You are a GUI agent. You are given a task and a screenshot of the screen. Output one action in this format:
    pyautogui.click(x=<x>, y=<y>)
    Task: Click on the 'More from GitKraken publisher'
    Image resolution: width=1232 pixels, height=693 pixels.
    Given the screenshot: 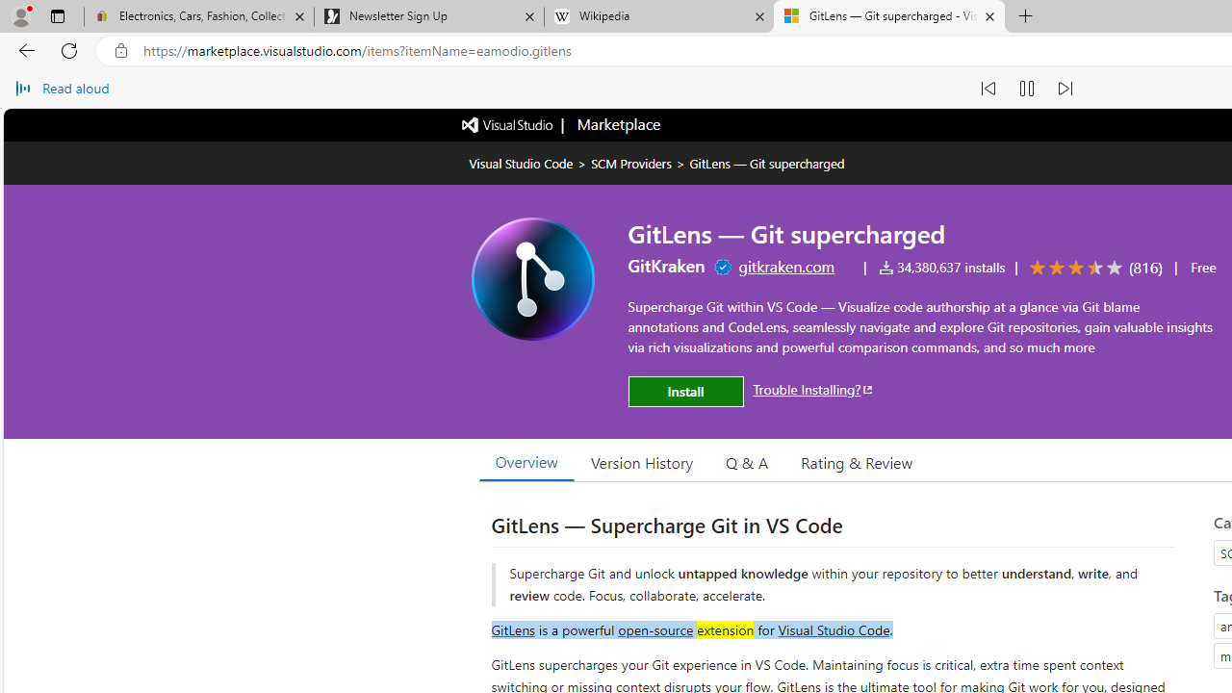 What is the action you would take?
    pyautogui.click(x=666, y=266)
    